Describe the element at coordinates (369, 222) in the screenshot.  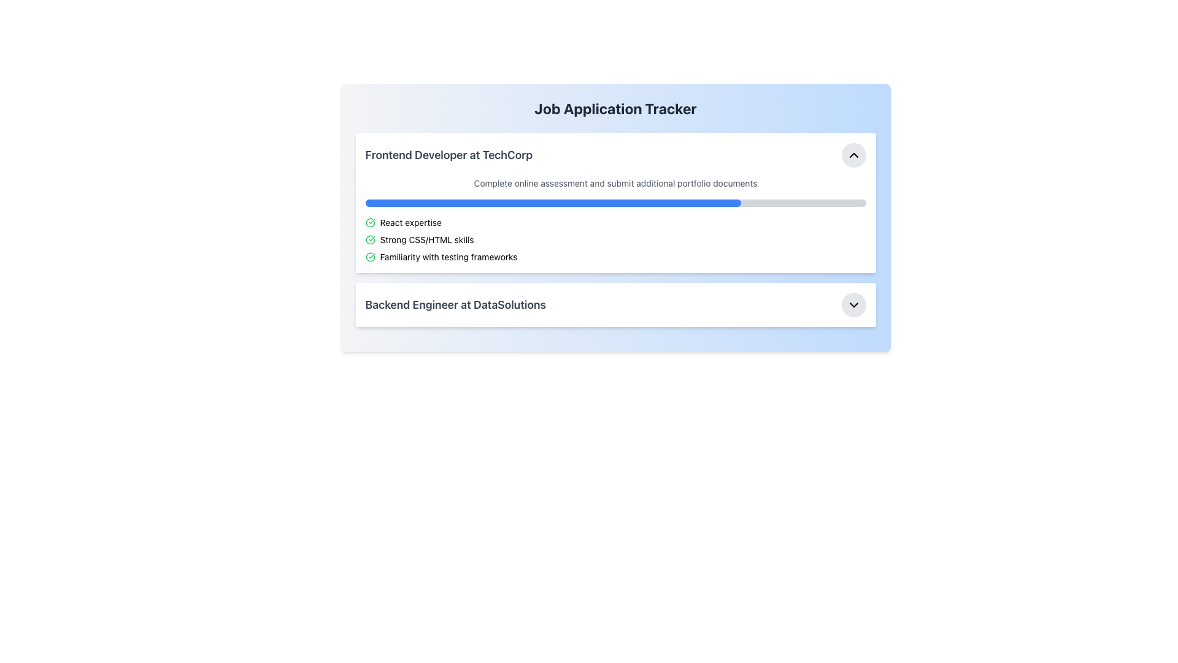
I see `the green checkmark icon that indicates success for the 'React expertise' label, located directly before the label text` at that location.